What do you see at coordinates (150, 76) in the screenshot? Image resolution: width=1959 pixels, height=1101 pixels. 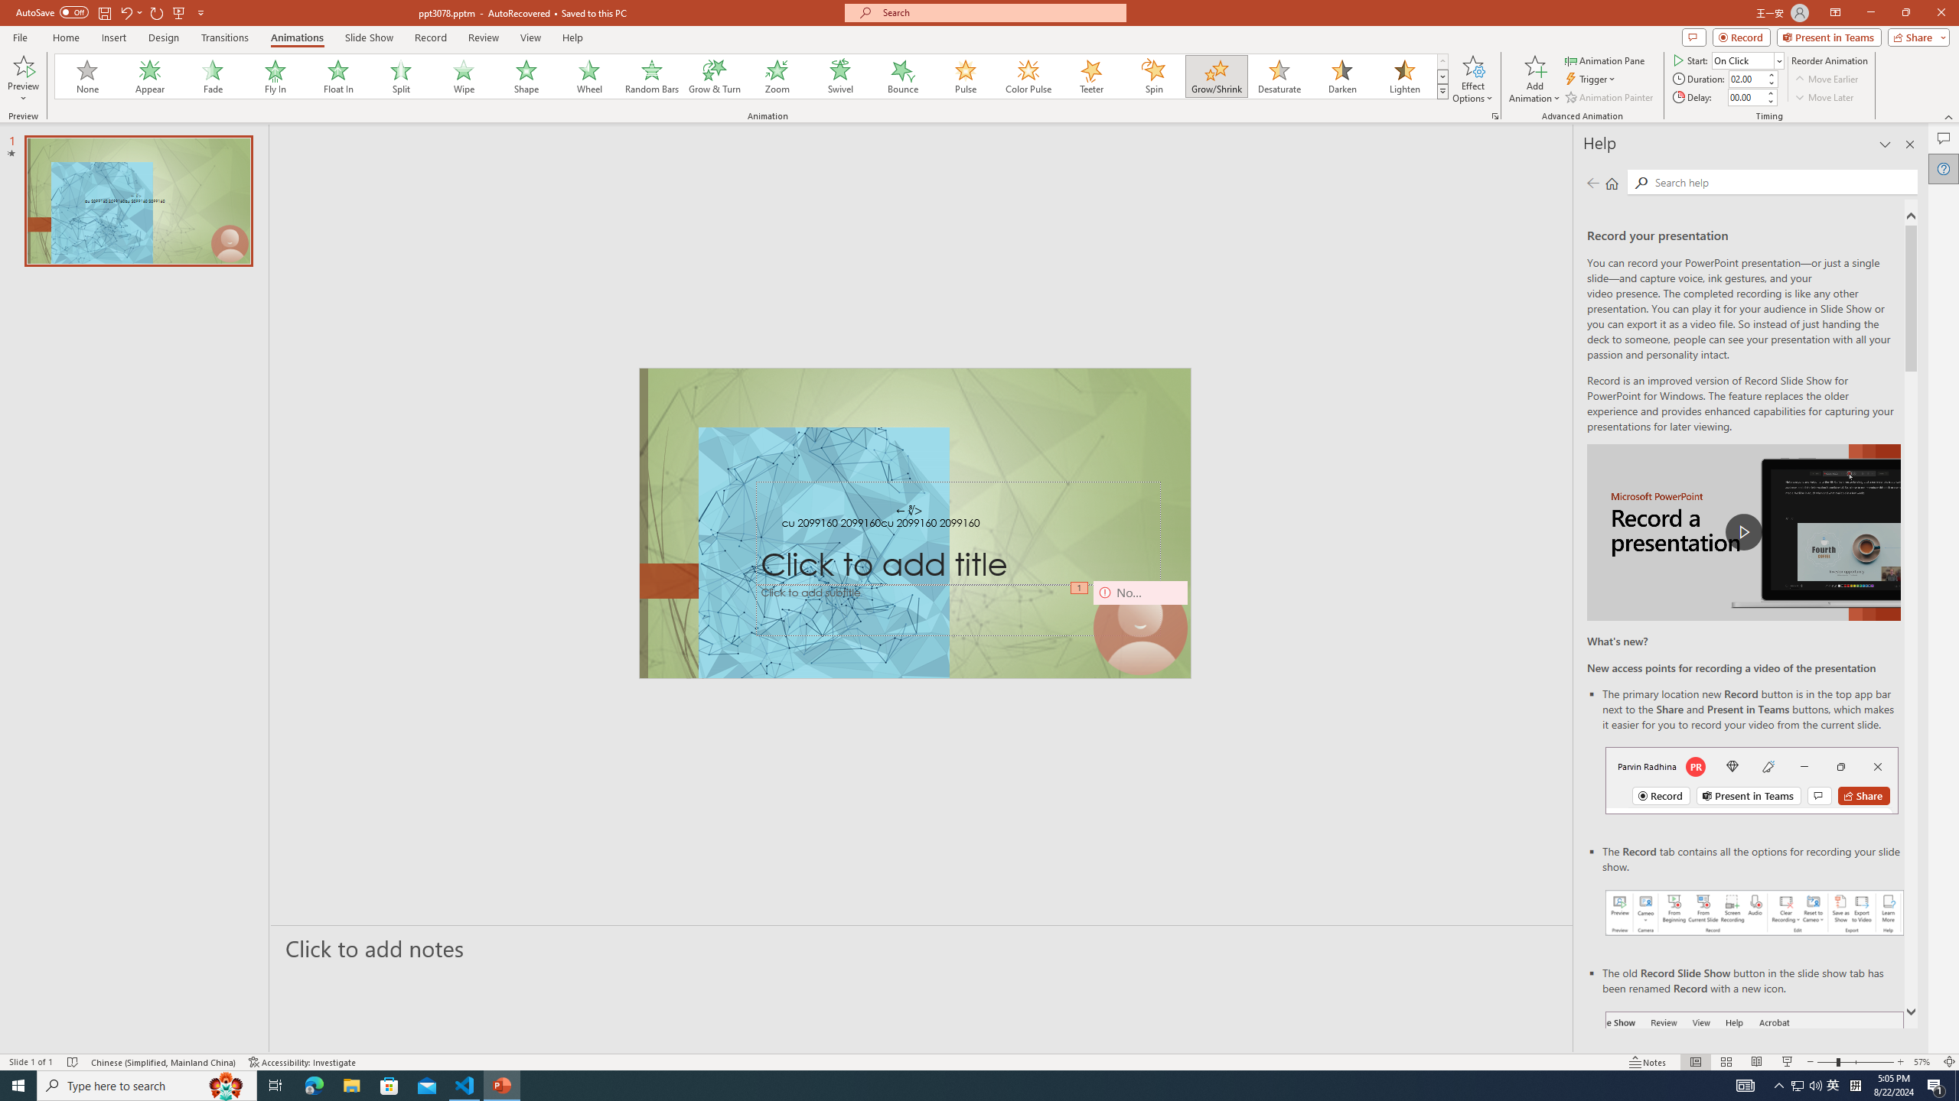 I see `'Appear'` at bounding box center [150, 76].